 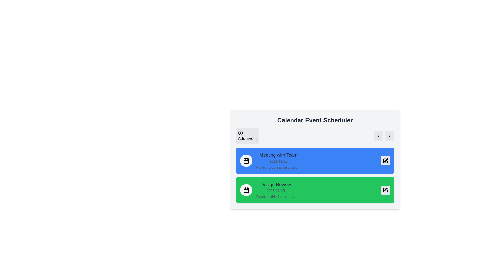 I want to click on the forward navigation button located in the top-right corner of the highlighted area to visualize interactivity, so click(x=389, y=135).